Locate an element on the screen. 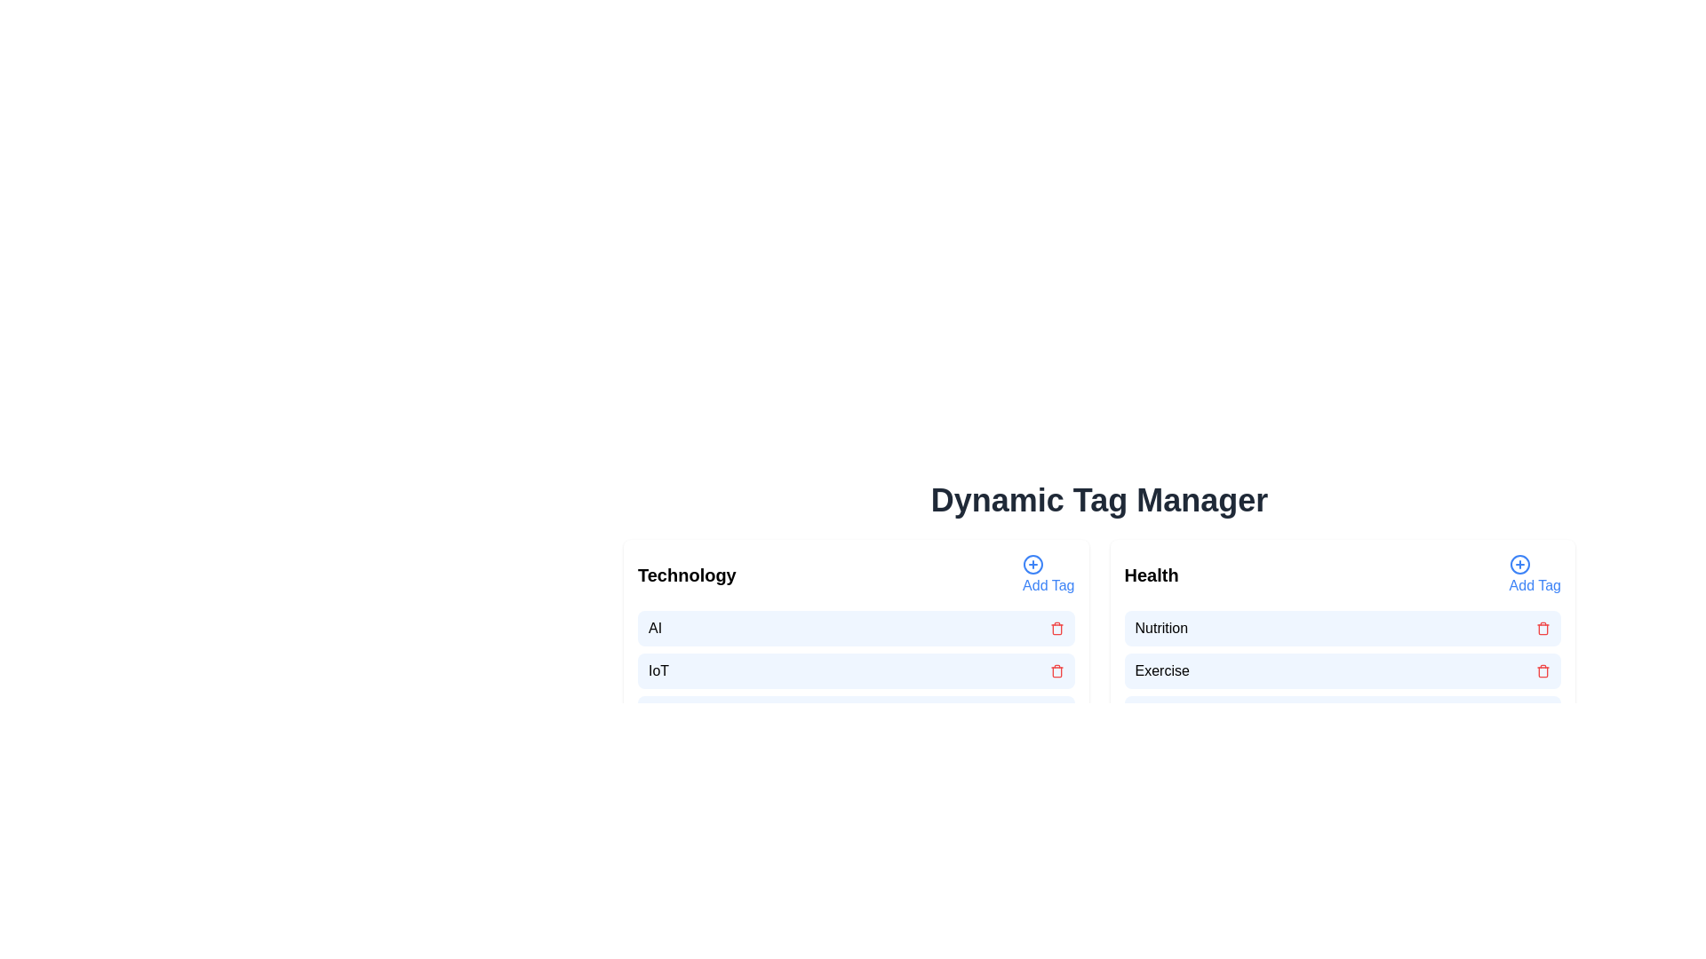  the bold text label reading 'Health' located prominently above the list items 'Nutrition' and 'Exercise' in the right-hand section under 'Dynamic Tag Manager' is located at coordinates (1152, 575).